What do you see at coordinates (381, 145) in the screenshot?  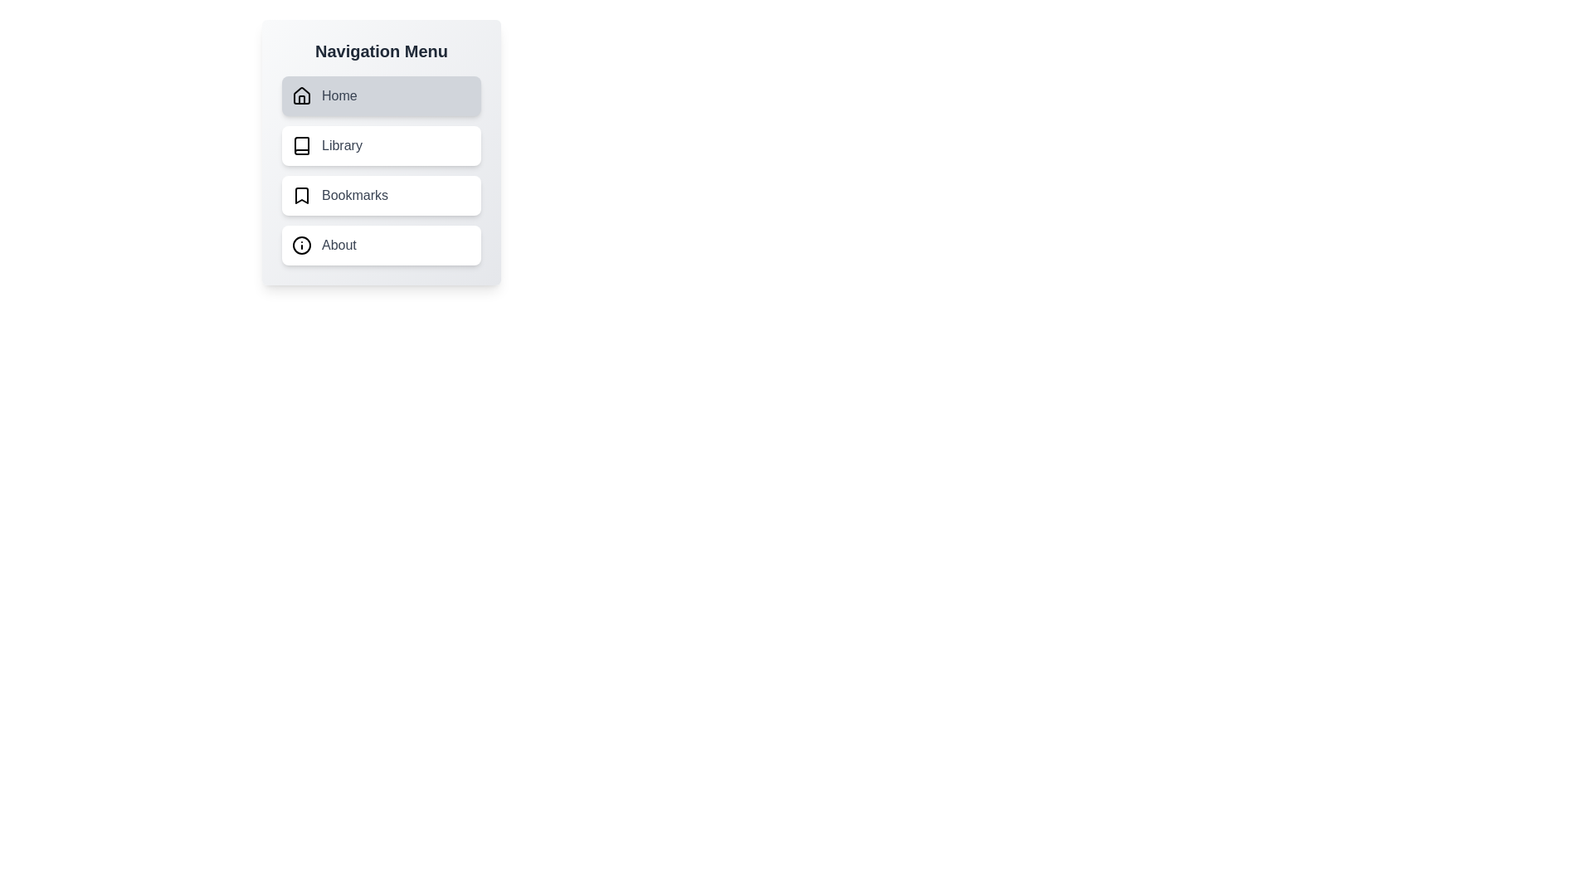 I see `the menu item corresponding to Library` at bounding box center [381, 145].